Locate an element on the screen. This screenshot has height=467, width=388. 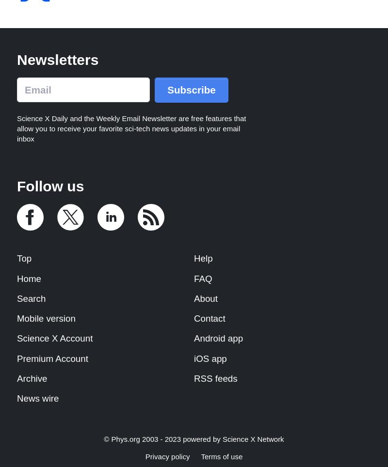
'Subscribe' is located at coordinates (191, 89).